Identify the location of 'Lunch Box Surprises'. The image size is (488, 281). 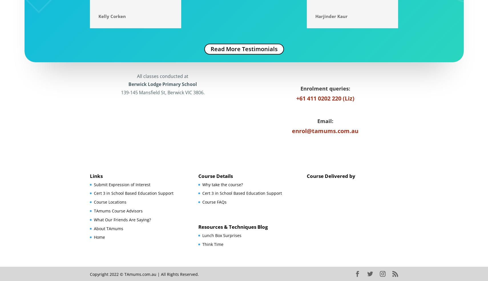
(221, 235).